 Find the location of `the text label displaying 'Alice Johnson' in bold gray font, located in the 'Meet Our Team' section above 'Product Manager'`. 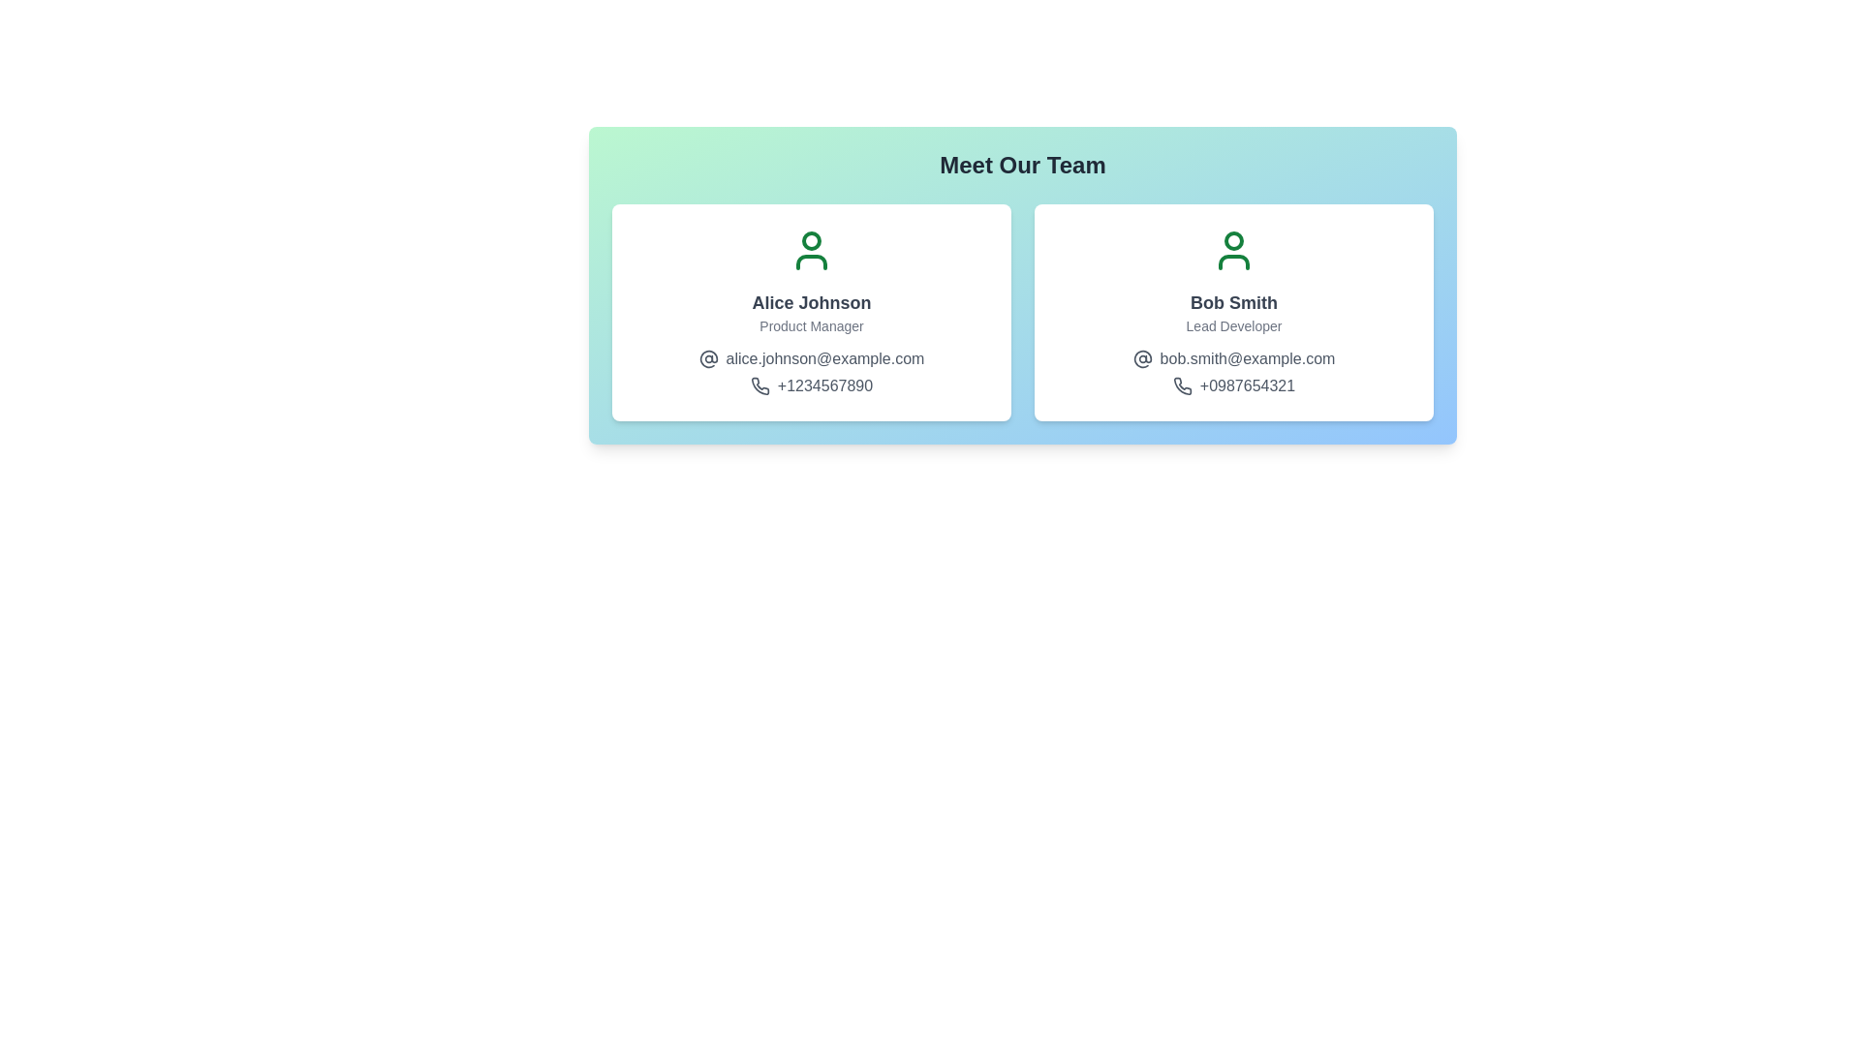

the text label displaying 'Alice Johnson' in bold gray font, located in the 'Meet Our Team' section above 'Product Manager' is located at coordinates (812, 302).